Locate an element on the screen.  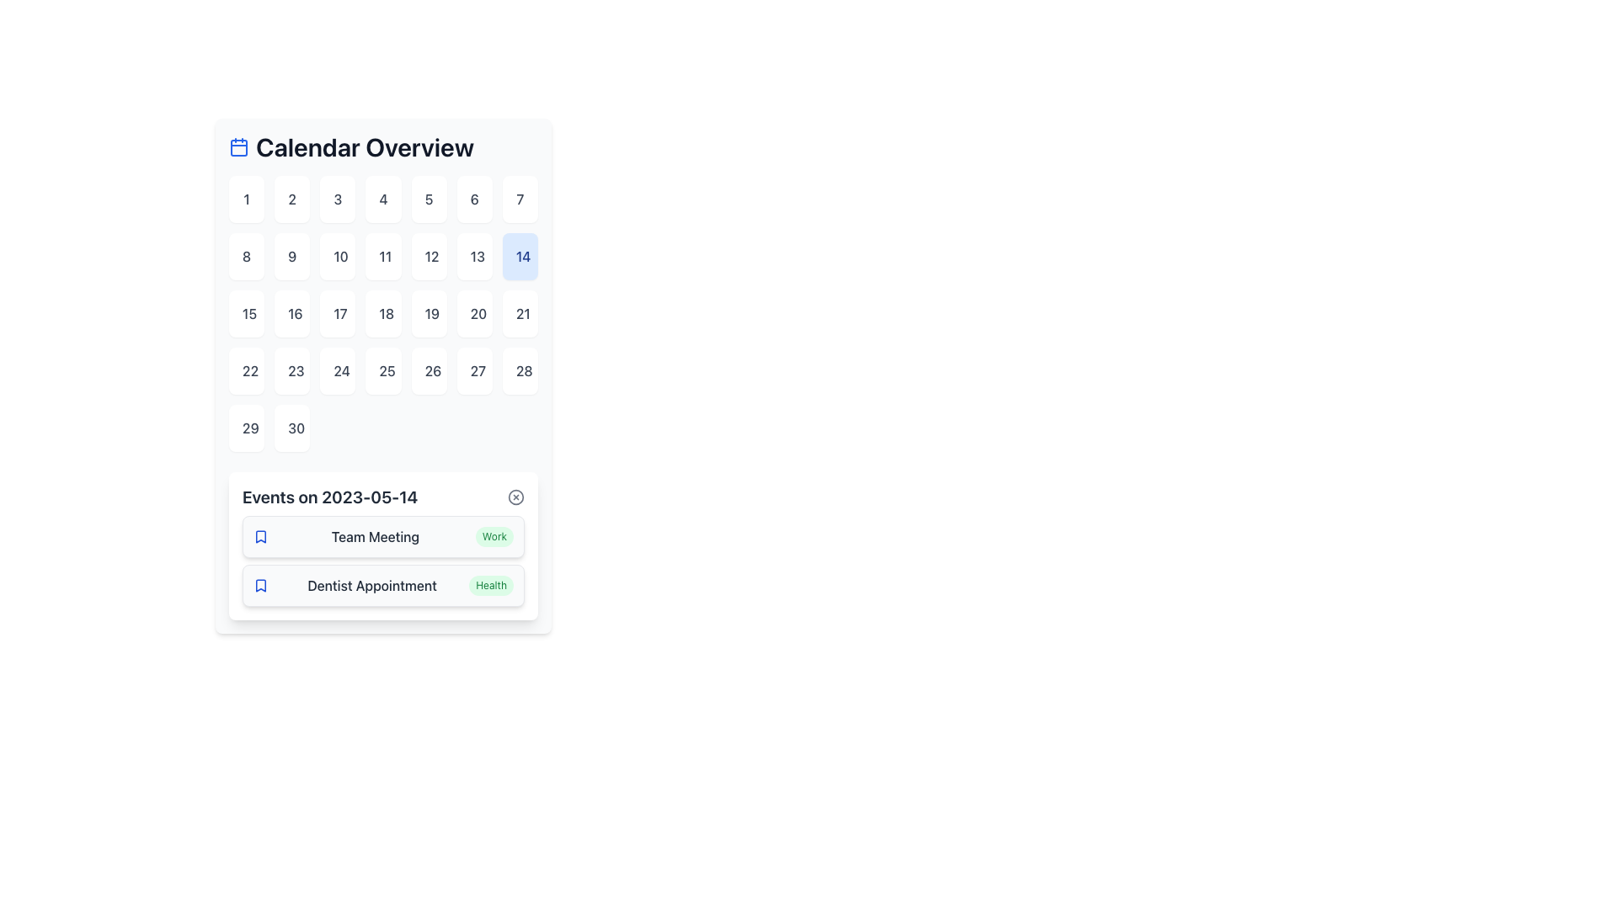
the calendar cell displaying the number '18' in the 'Calendar Overview' section is located at coordinates (382, 314).